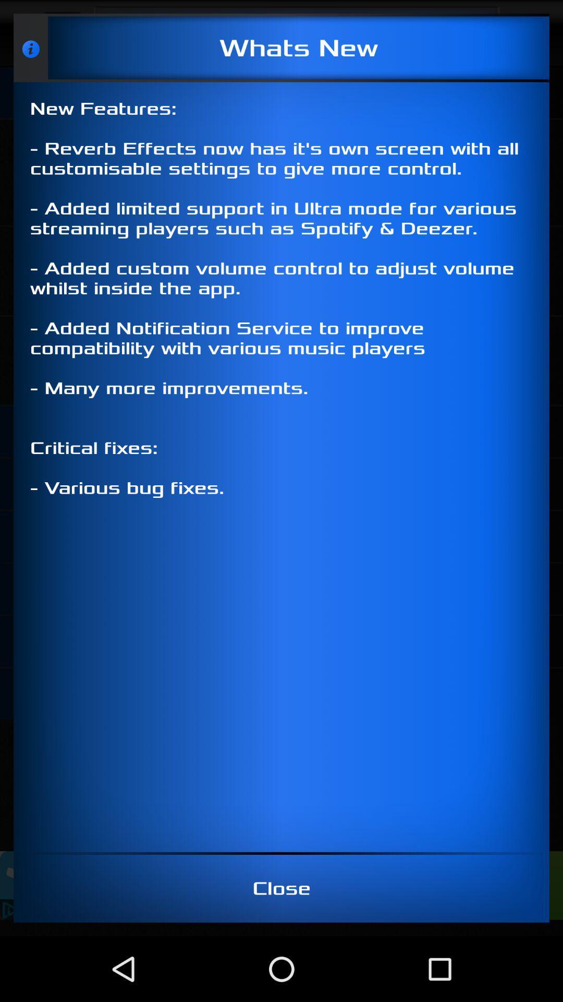 The height and width of the screenshot is (1002, 563). I want to click on icon below the whats new item, so click(281, 467).